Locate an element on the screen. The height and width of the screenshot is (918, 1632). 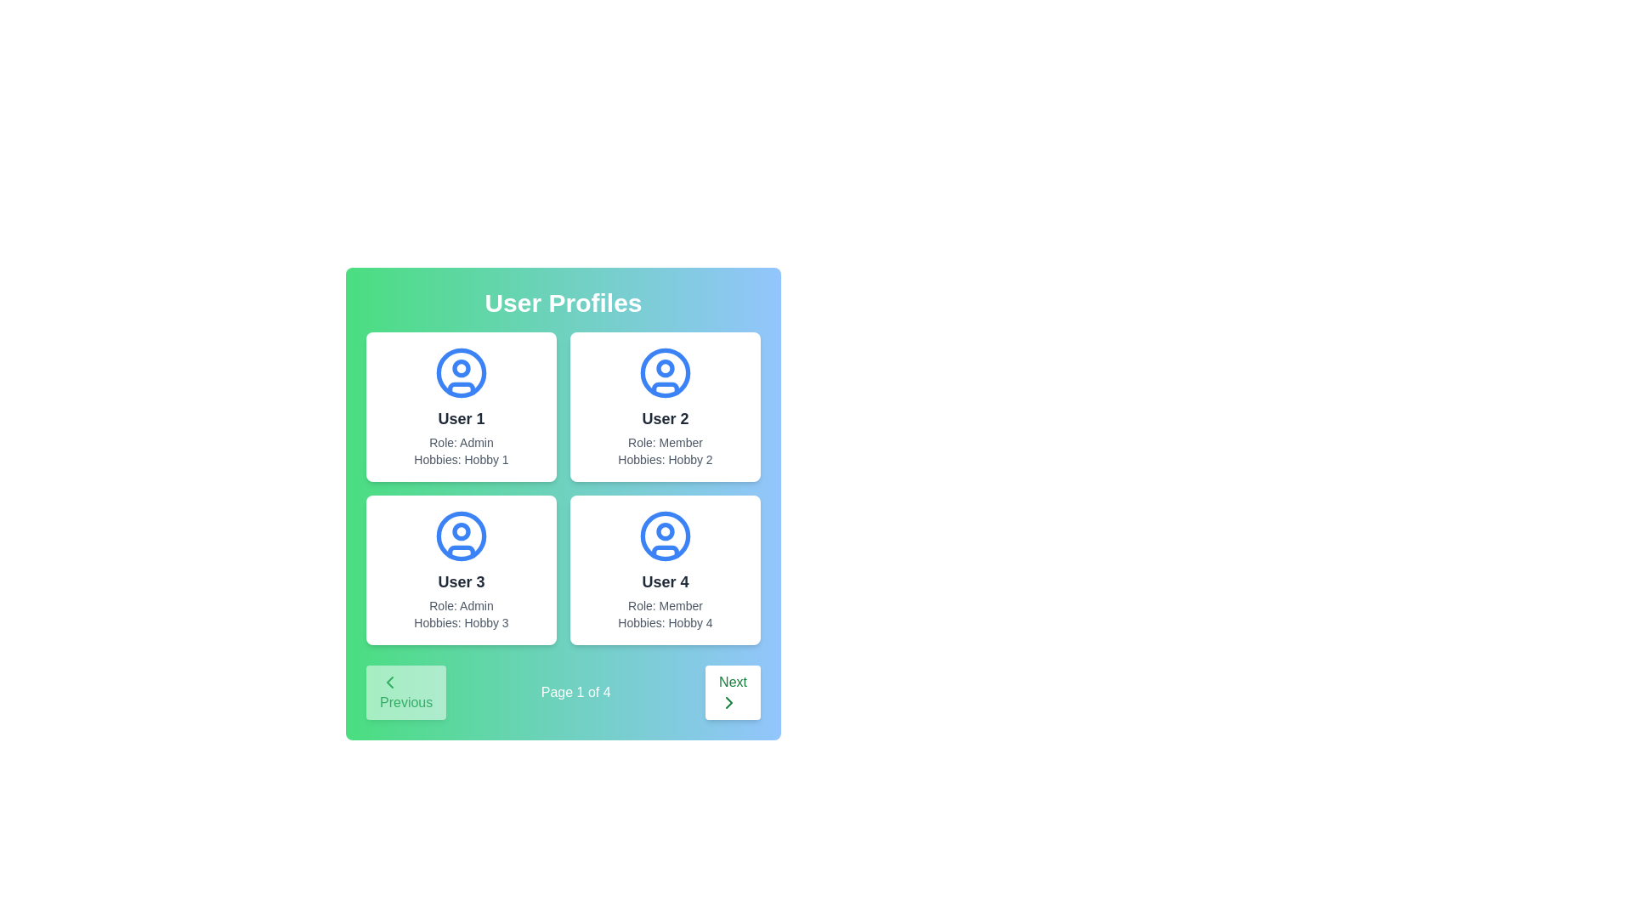
the read-only informational Text label that describes the user's role, located beneath 'User 3' and above 'Hobbies: Hobby 3' in the 'User 3' card is located at coordinates (461, 605).